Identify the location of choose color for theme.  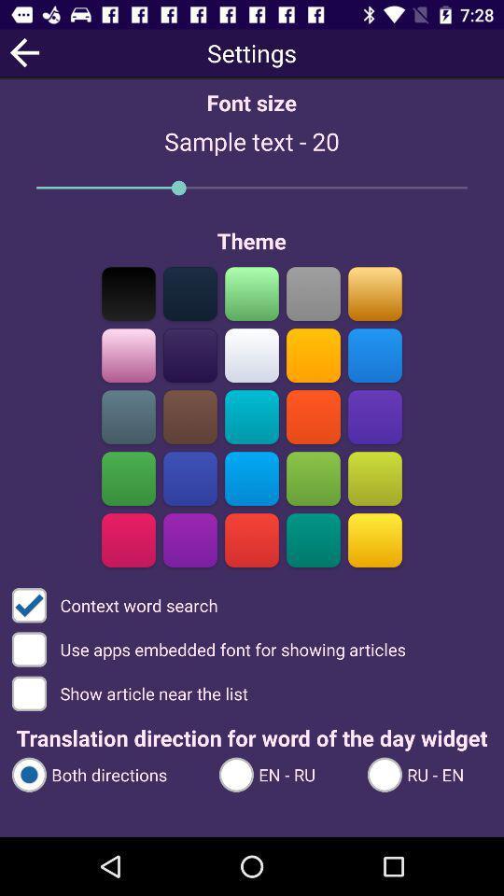
(189, 416).